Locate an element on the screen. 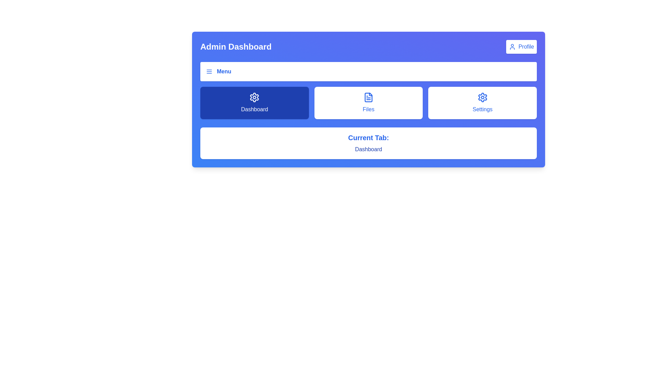 The width and height of the screenshot is (662, 372). the heading text label at the top-left of the dashboard interface, which provides context to the user about the current page is located at coordinates (236, 46).